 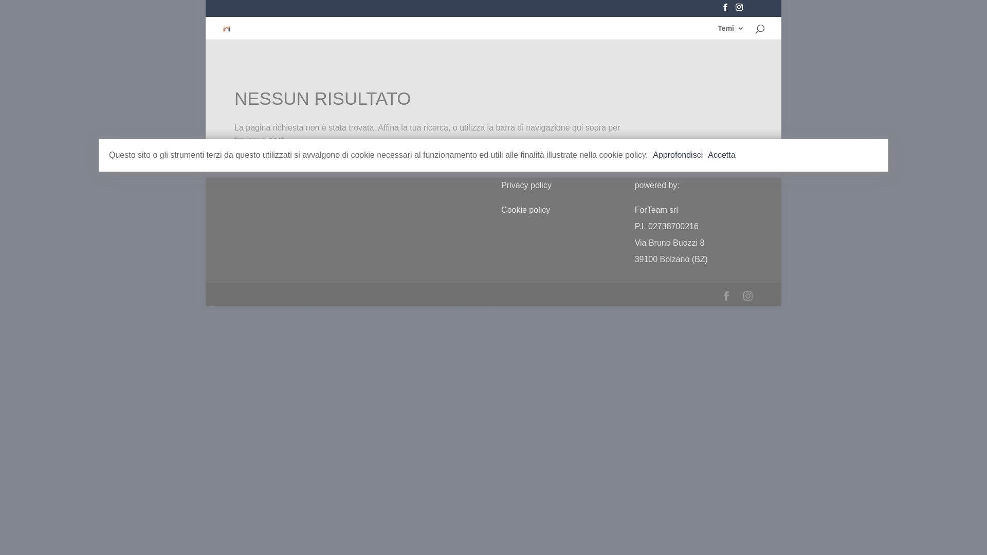 I want to click on 'Accetta', so click(x=707, y=155).